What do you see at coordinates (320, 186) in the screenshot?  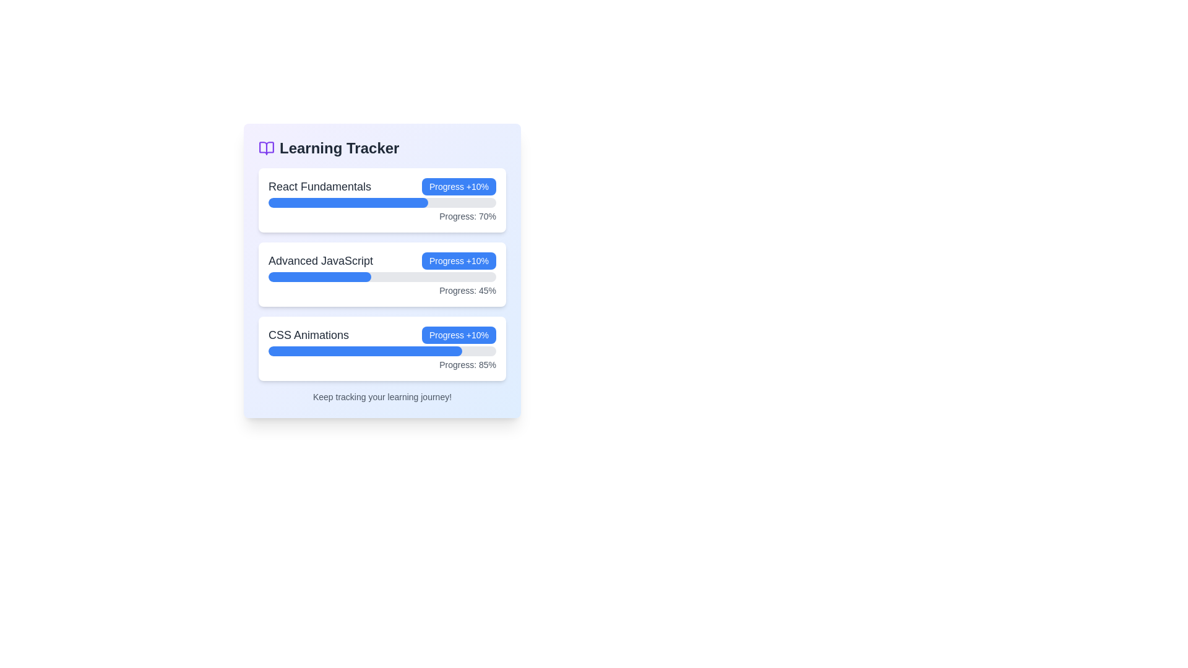 I see `the text label displaying 'React Fundamentals'` at bounding box center [320, 186].